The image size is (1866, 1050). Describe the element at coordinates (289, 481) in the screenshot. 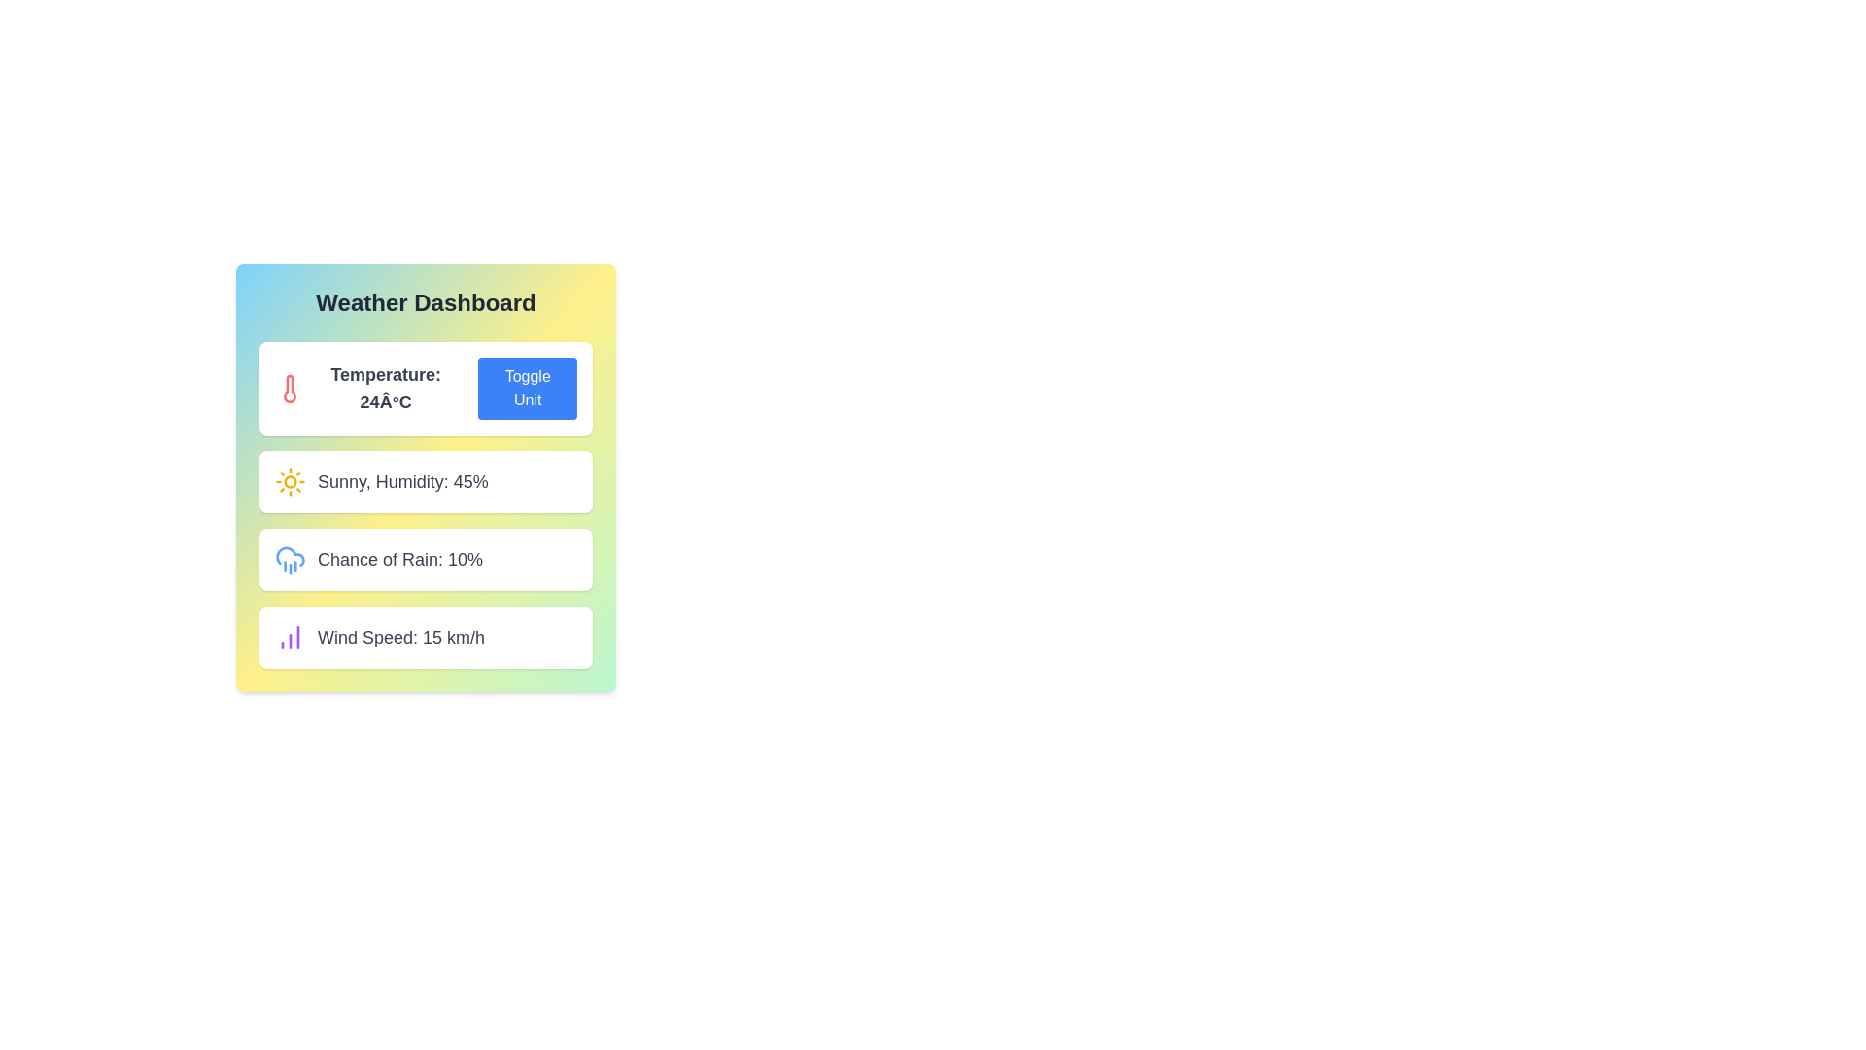

I see `the small circular sun-shaped element filled with yellow color located in the weather reporting interface, adjacent to the text 'Sunny, Humidity: 45%'` at that location.